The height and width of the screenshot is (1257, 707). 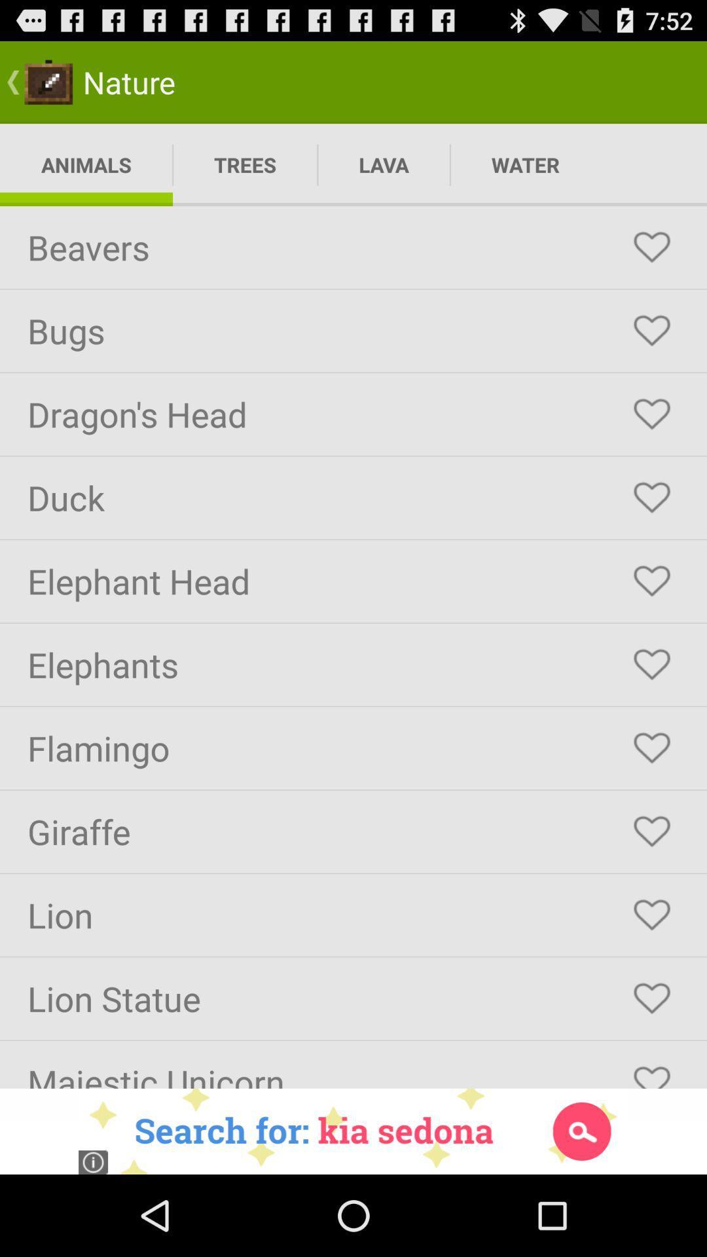 I want to click on kia sedona add, so click(x=353, y=1131).